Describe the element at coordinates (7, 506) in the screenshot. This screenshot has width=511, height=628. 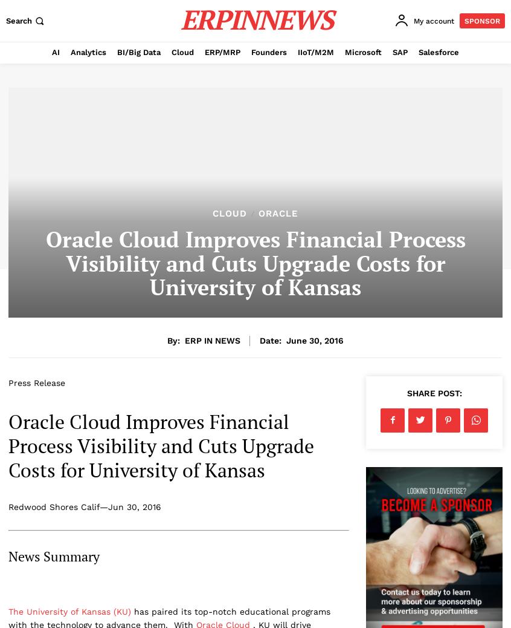
I see `'Redwood Shores Calif—Jun 30, 2016'` at that location.